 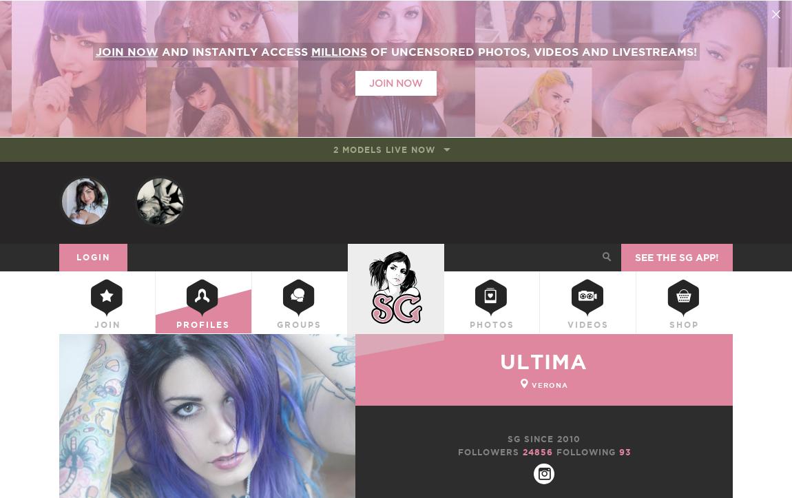 I want to click on 'Join Now', so click(x=396, y=82).